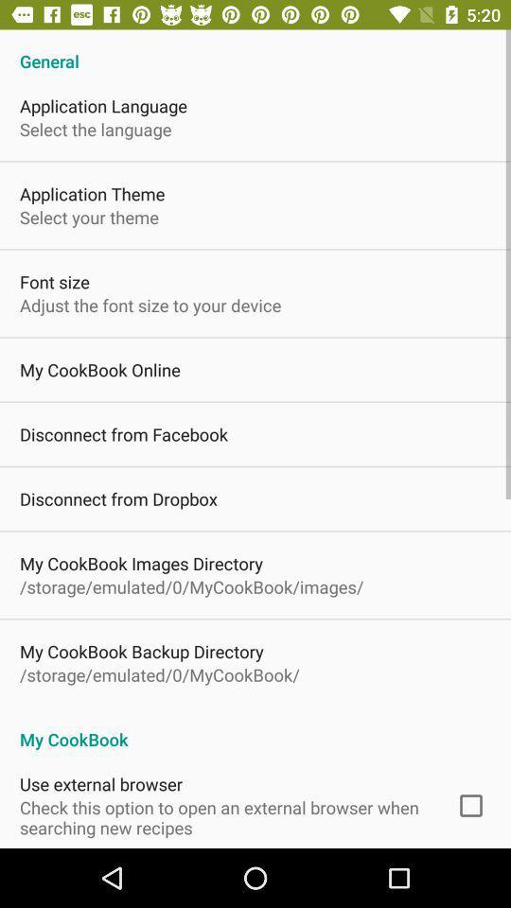 The width and height of the screenshot is (511, 908). What do you see at coordinates (225, 816) in the screenshot?
I see `check this option icon` at bounding box center [225, 816].